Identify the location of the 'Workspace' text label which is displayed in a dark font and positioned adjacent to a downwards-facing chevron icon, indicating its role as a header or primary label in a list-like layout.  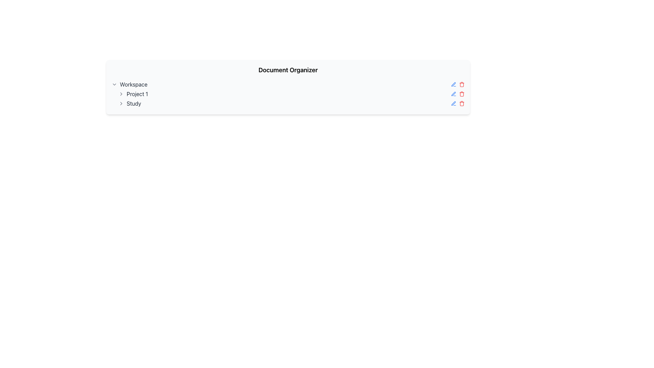
(134, 84).